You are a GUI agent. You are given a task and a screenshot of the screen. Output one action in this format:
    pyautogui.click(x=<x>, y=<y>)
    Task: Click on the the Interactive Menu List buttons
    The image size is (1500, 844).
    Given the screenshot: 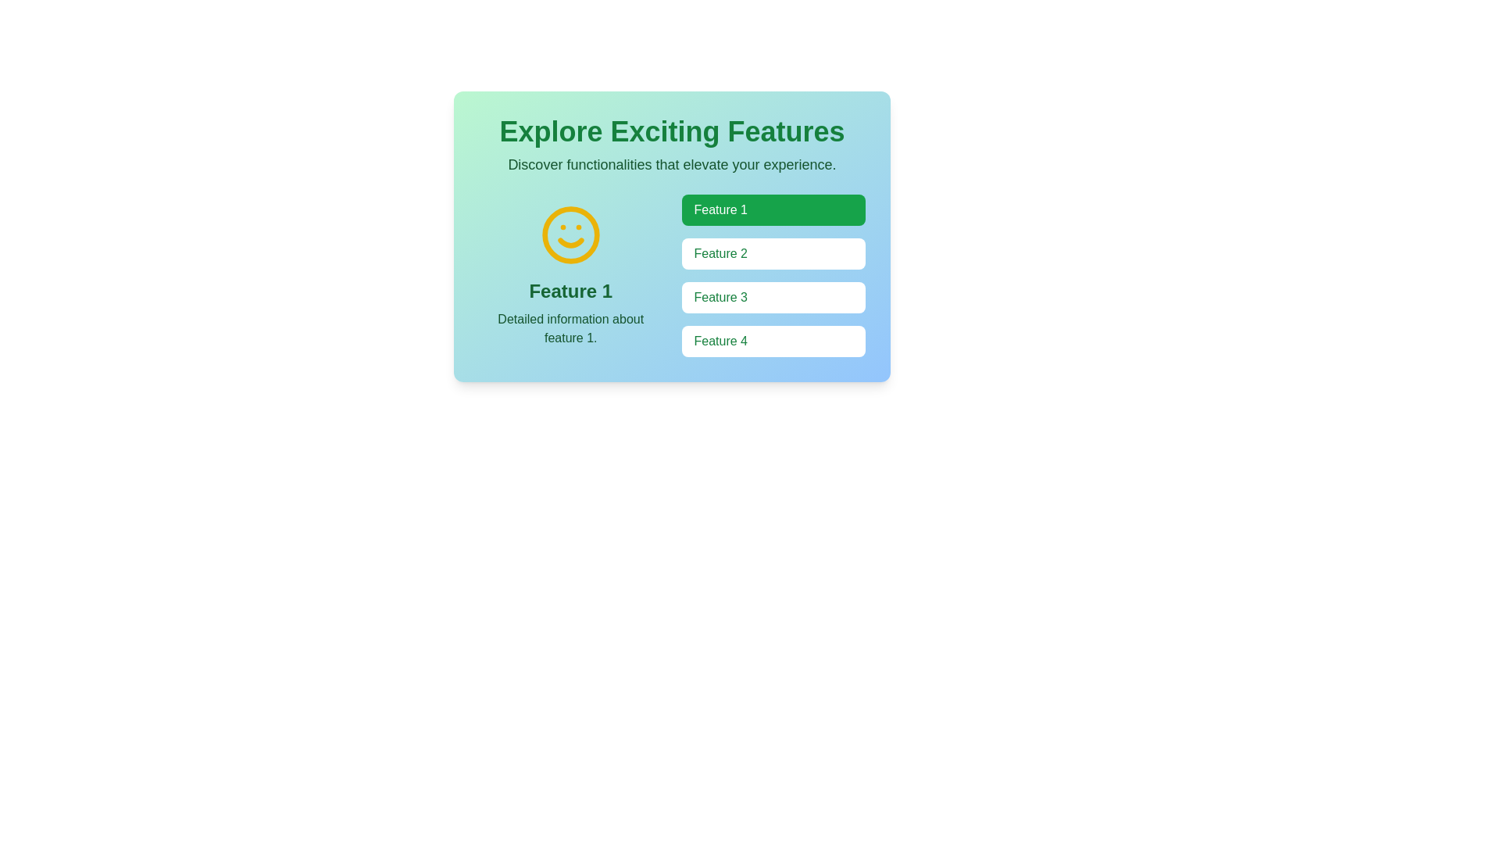 What is the action you would take?
    pyautogui.click(x=773, y=275)
    